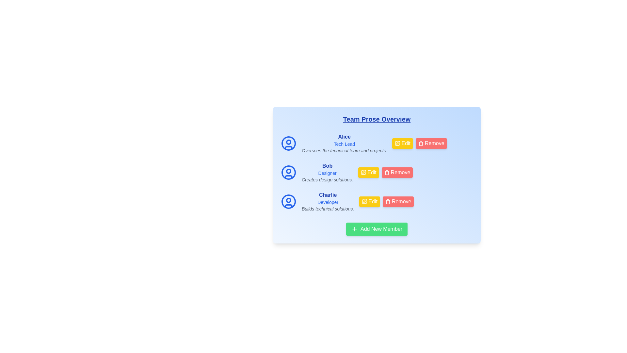 This screenshot has height=353, width=627. I want to click on the small quadratic icon with a thin black border, located at the top-right corner of the 'Edit' button adjacent to the profile named Alice, so click(397, 143).